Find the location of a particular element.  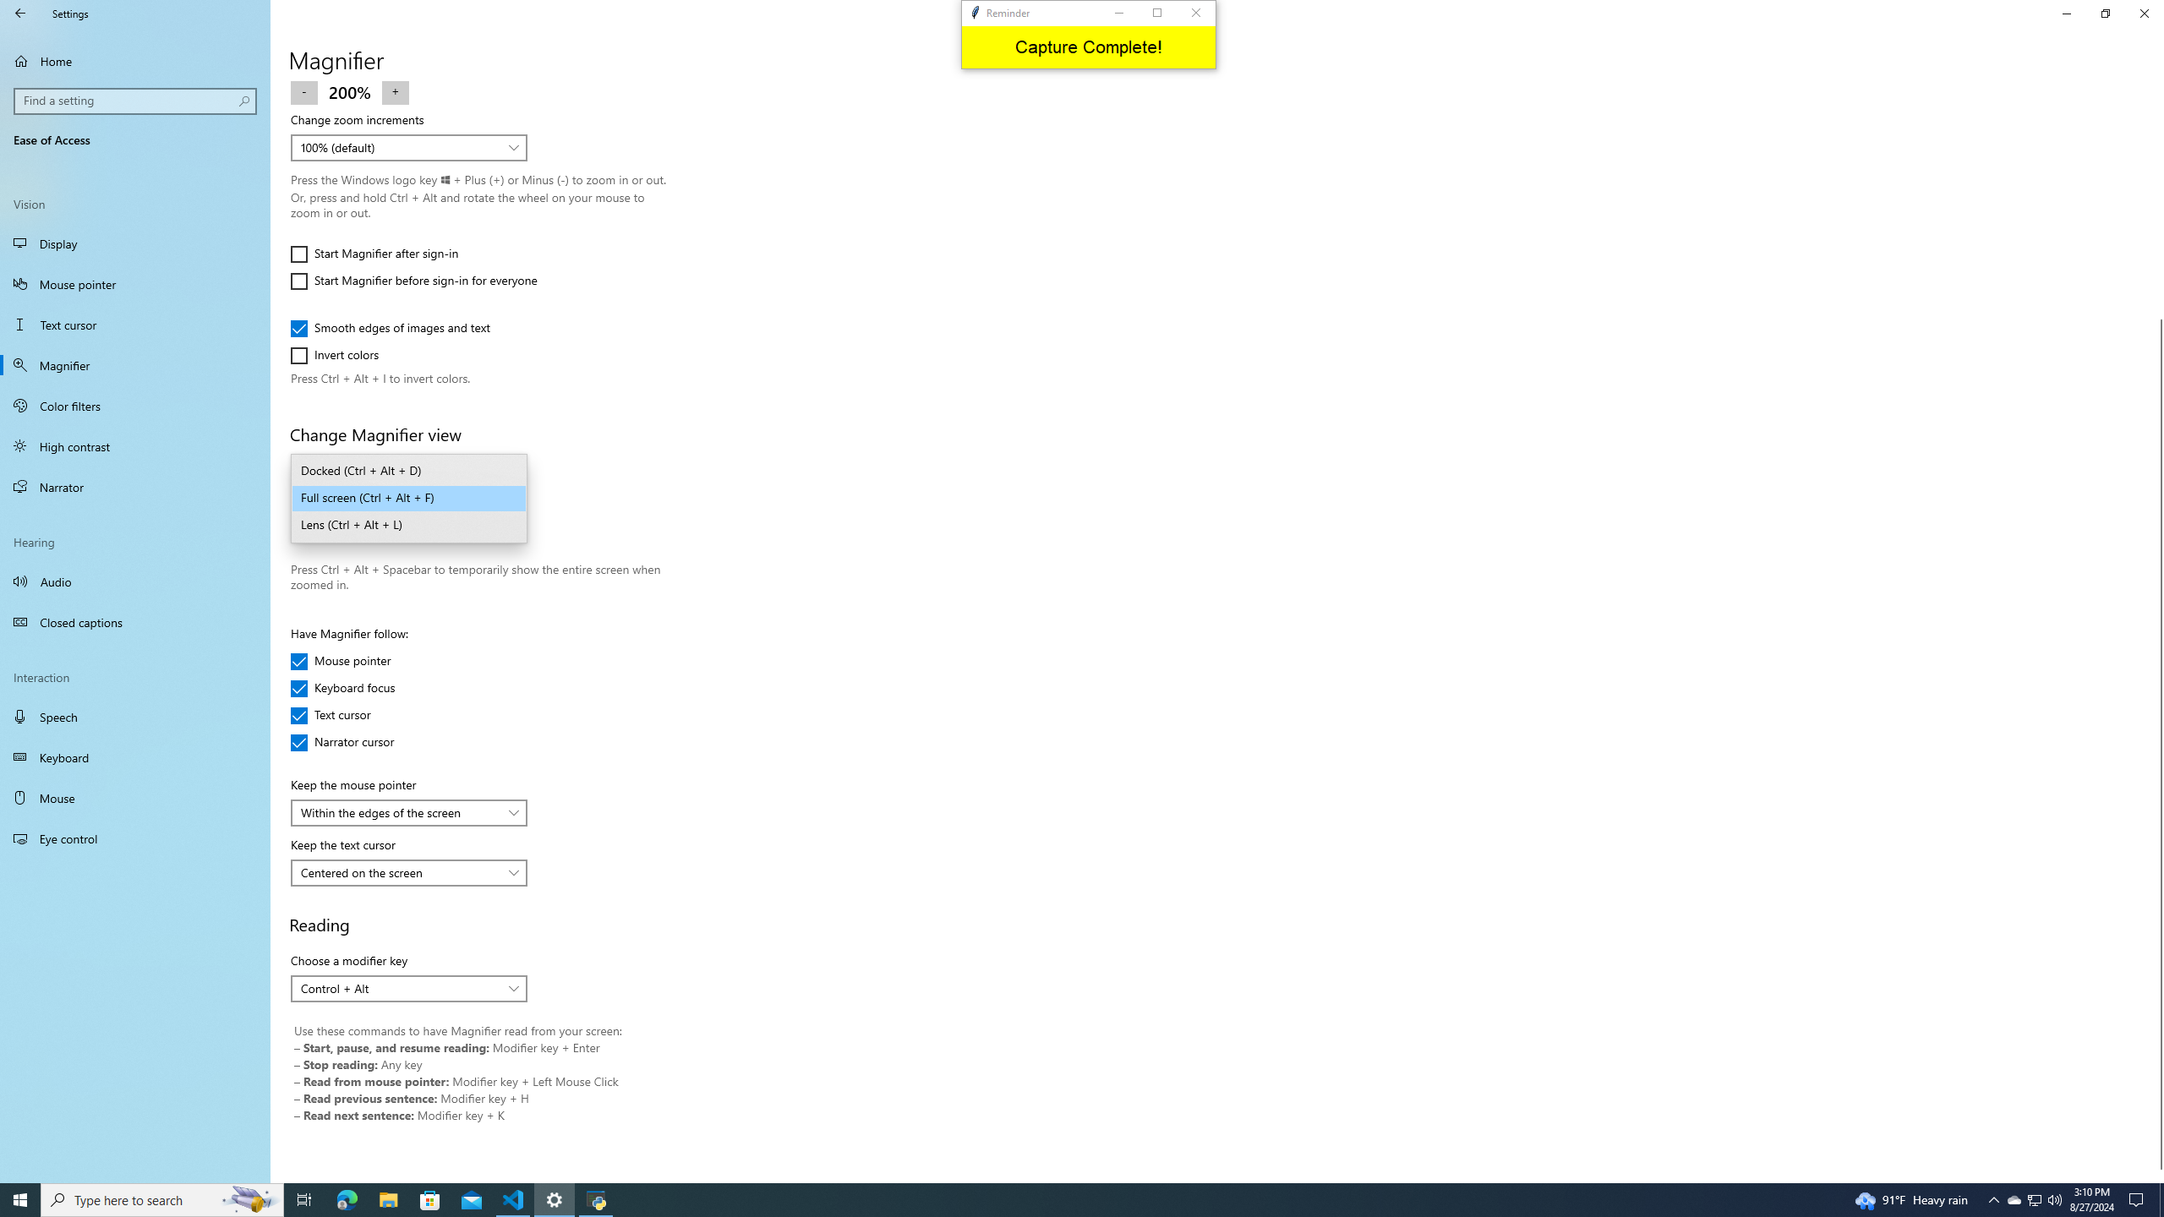

'Magnifier' is located at coordinates (134, 365).